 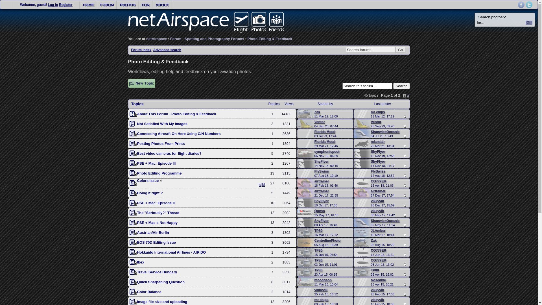 What do you see at coordinates (162, 123) in the screenshot?
I see `'Not Satisfied With My Images'` at bounding box center [162, 123].